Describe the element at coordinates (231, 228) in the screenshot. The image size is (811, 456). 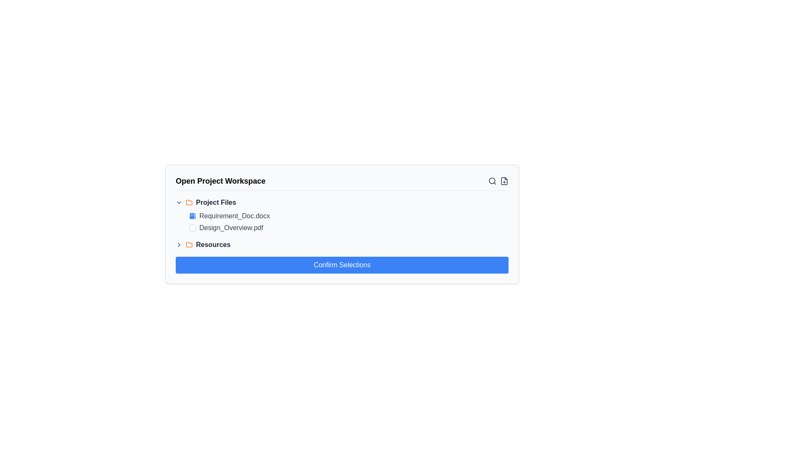
I see `the text label for the file named 'Design_Overview.pdf' located in the 'Project Files' section` at that location.